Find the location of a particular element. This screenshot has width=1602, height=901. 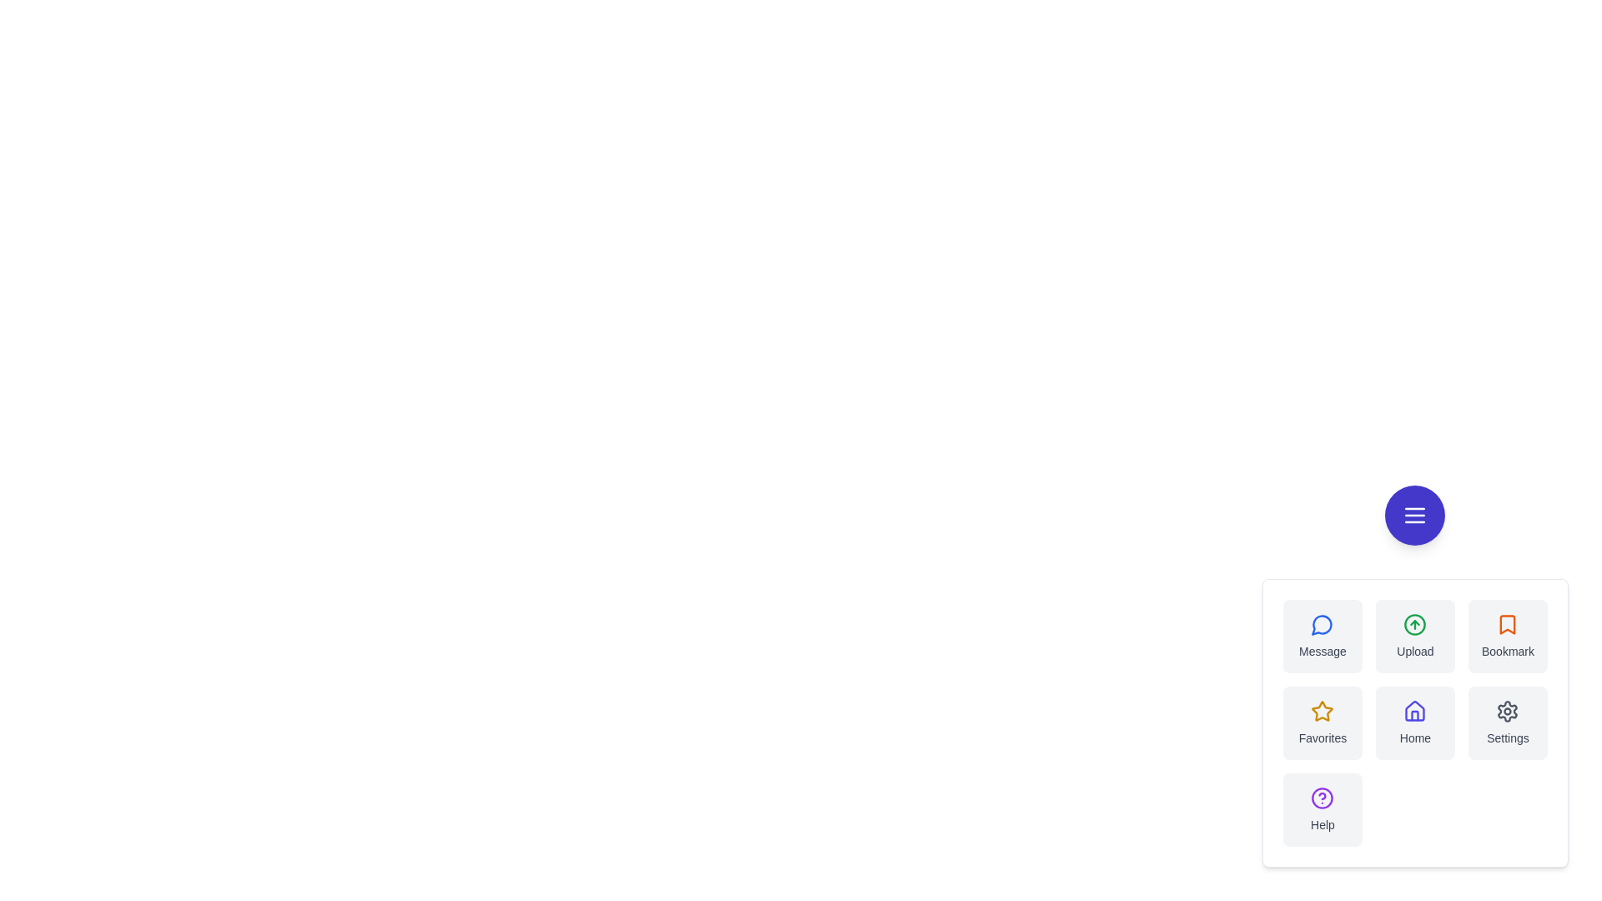

the floating menu button to toggle the action menu visibility is located at coordinates (1413, 514).